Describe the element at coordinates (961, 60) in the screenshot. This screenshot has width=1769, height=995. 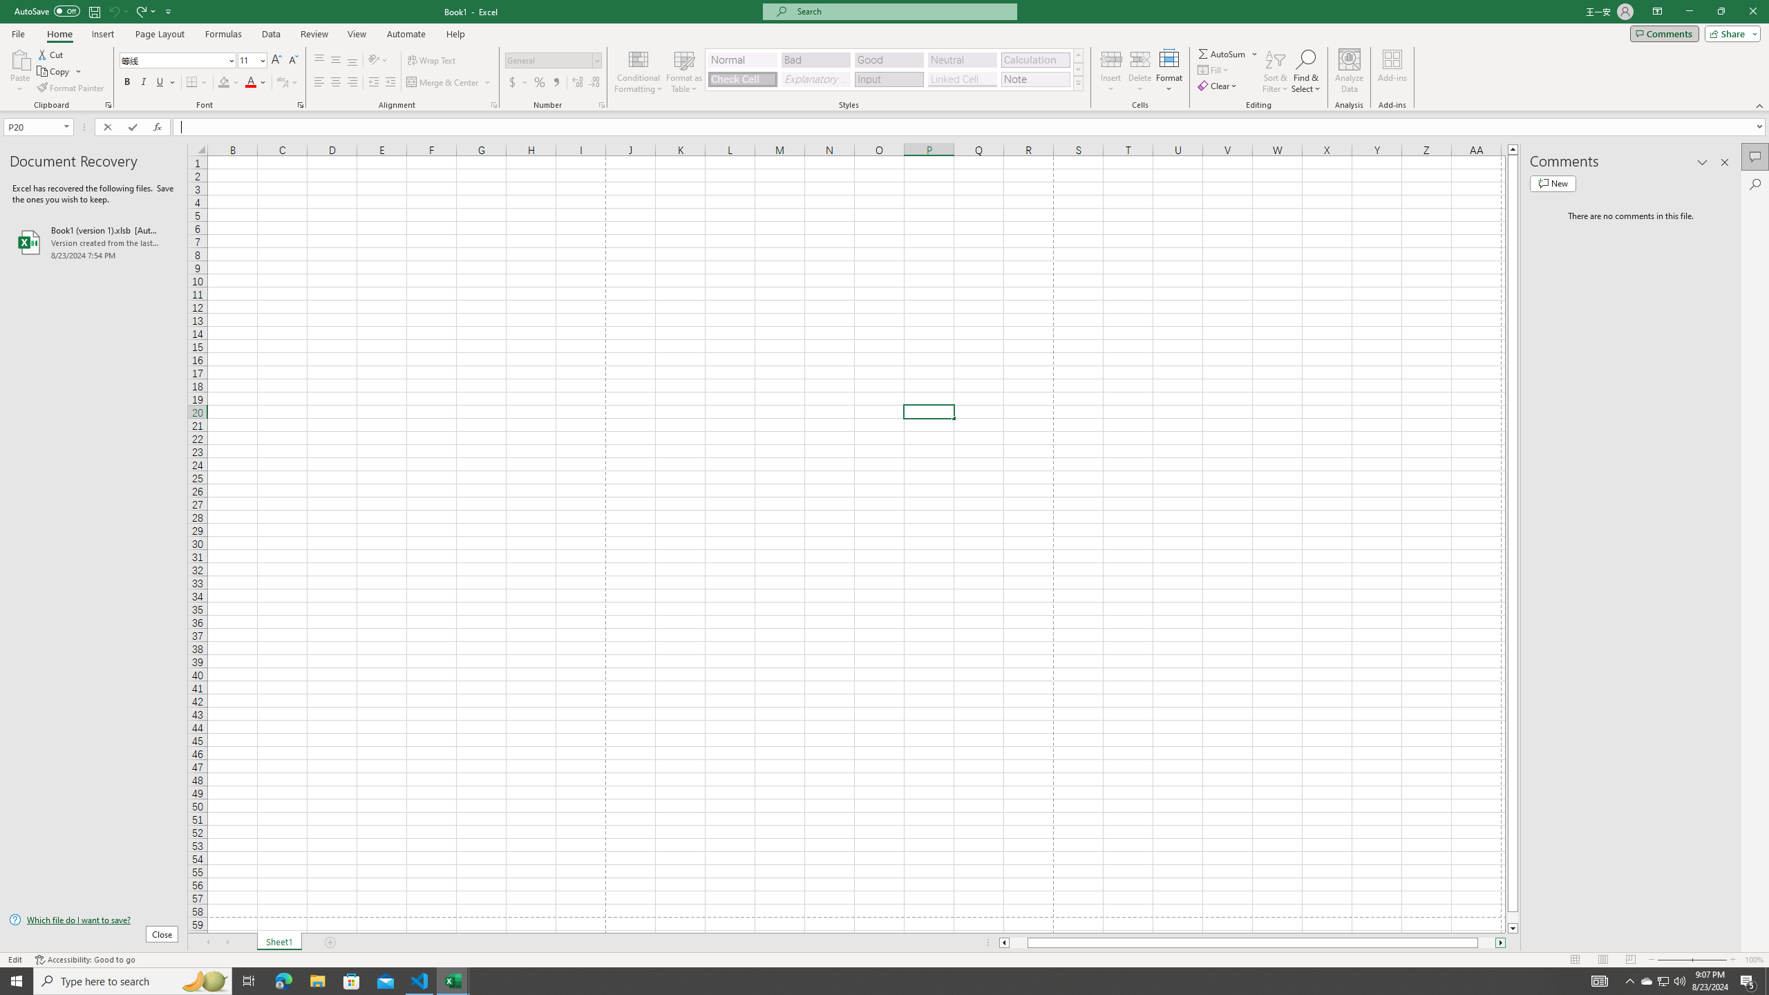
I see `'Neutral'` at that location.